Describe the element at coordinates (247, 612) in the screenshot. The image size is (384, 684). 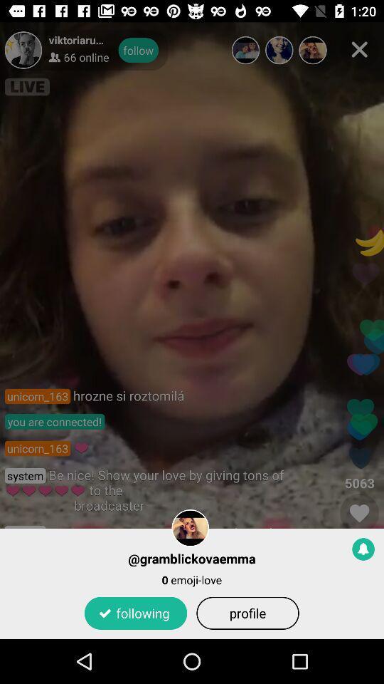
I see `icon next to the following app` at that location.